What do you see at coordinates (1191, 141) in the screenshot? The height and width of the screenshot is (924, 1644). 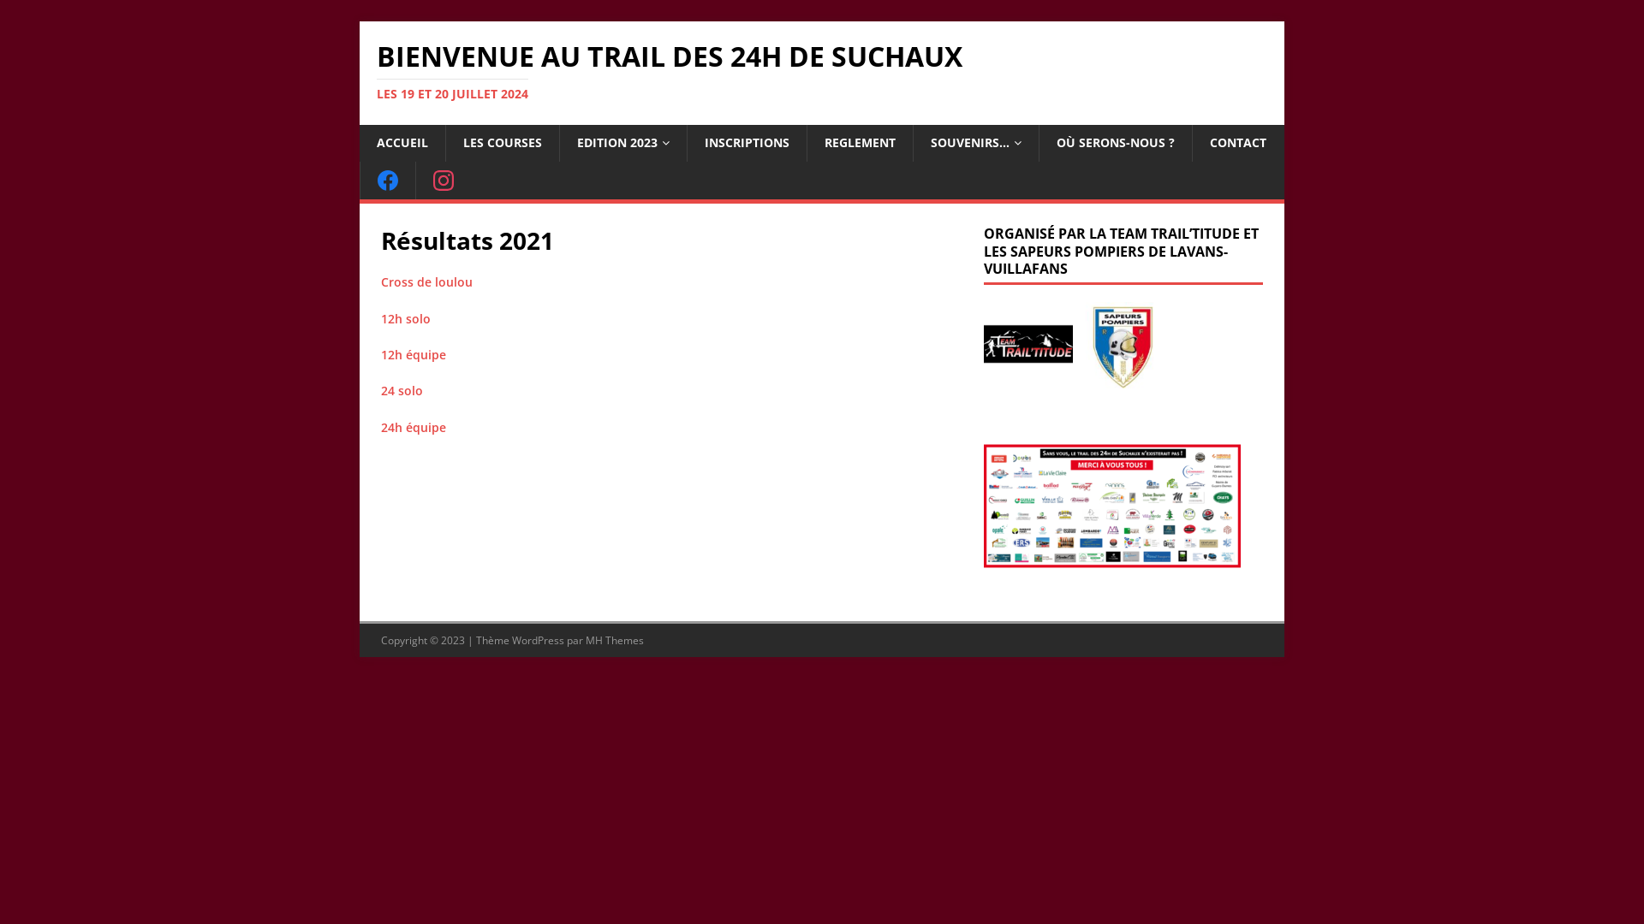 I see `'CONTACT'` at bounding box center [1191, 141].